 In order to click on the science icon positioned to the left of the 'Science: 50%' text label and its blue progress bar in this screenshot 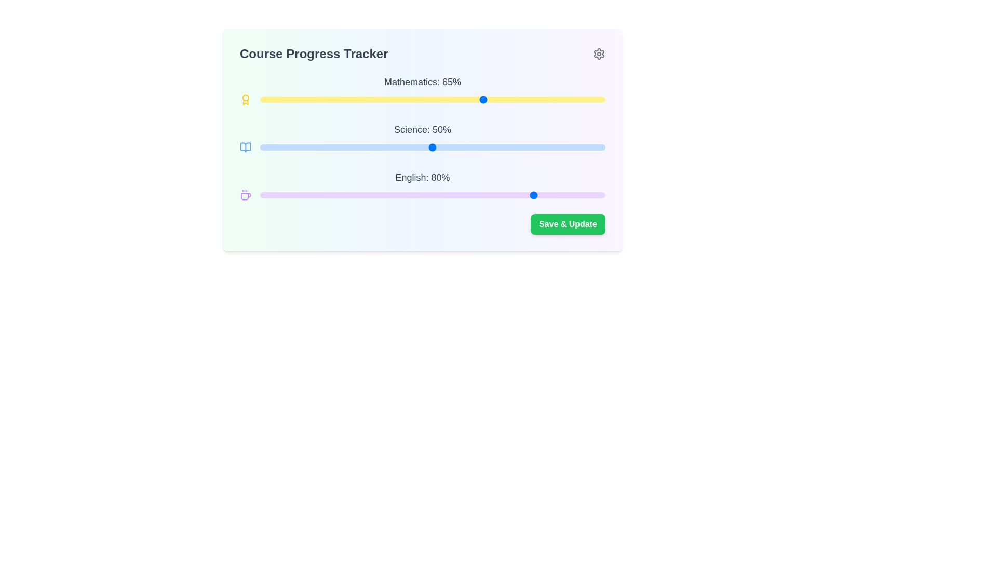, I will do `click(245, 148)`.